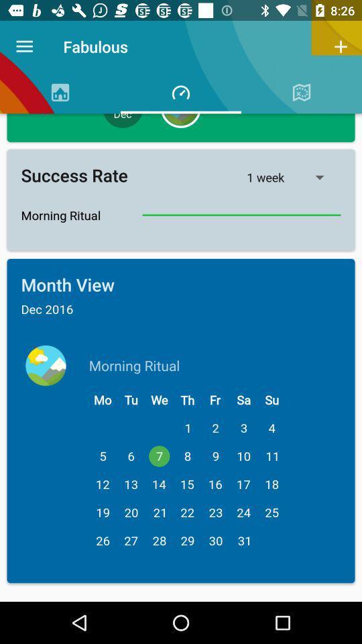  I want to click on text which is beside success rate, so click(293, 176).